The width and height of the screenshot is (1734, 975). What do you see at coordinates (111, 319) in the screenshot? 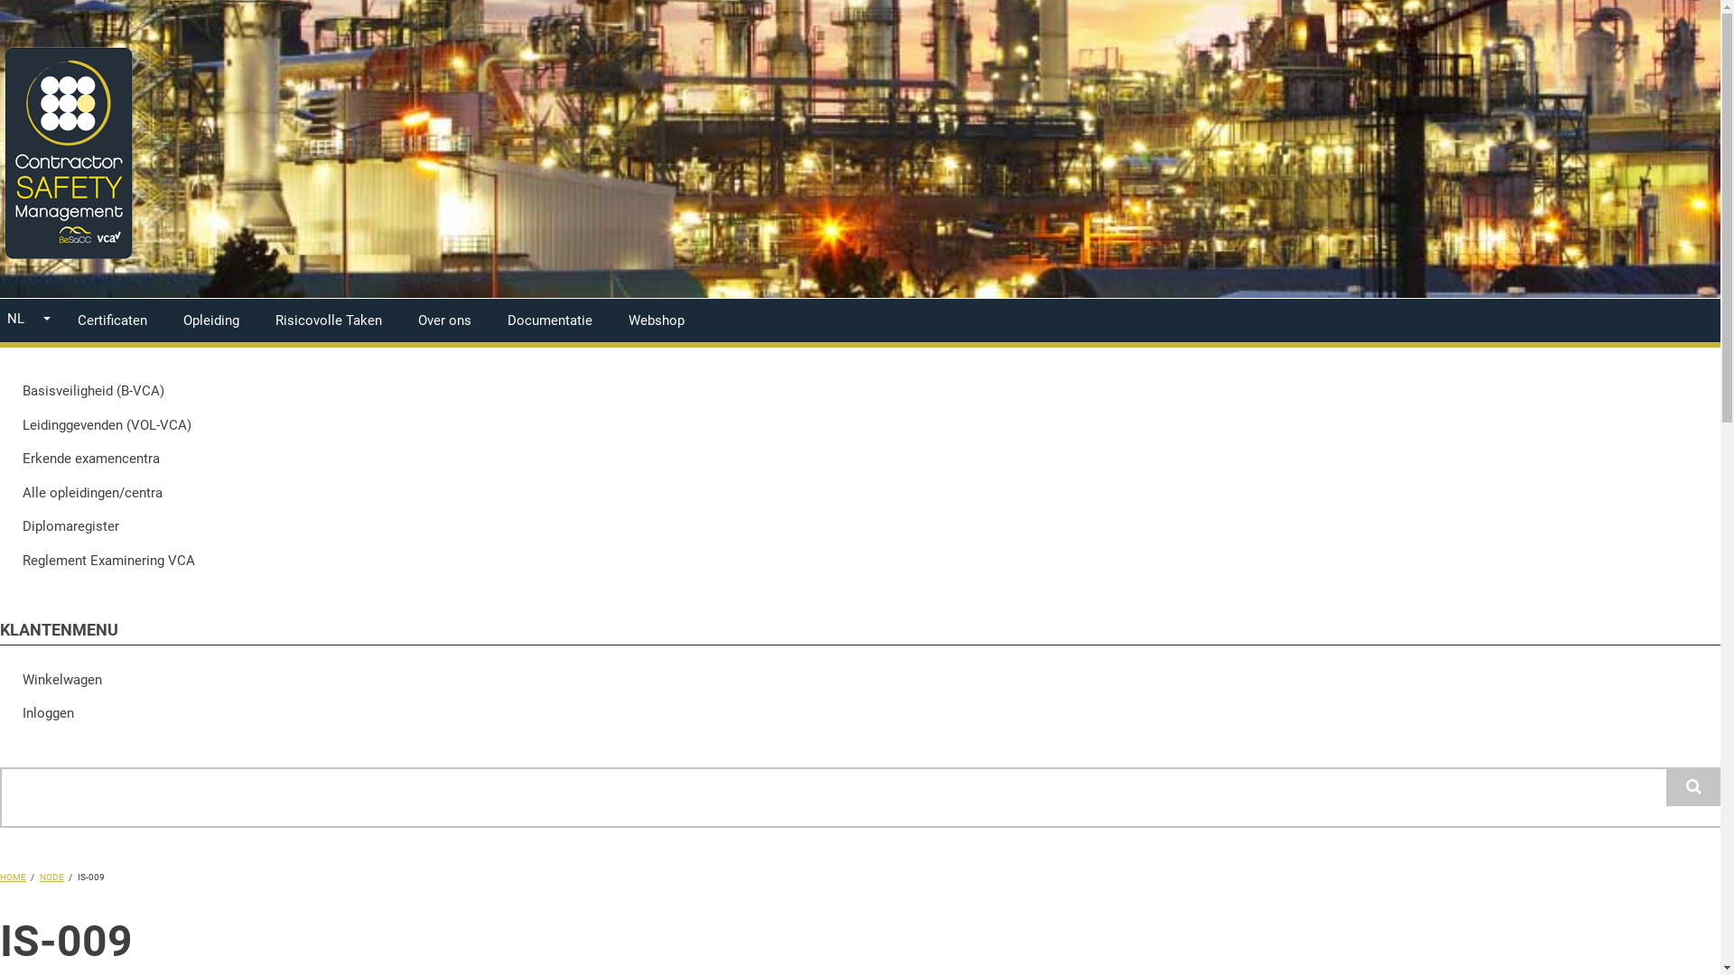
I see `'Certificaten'` at bounding box center [111, 319].